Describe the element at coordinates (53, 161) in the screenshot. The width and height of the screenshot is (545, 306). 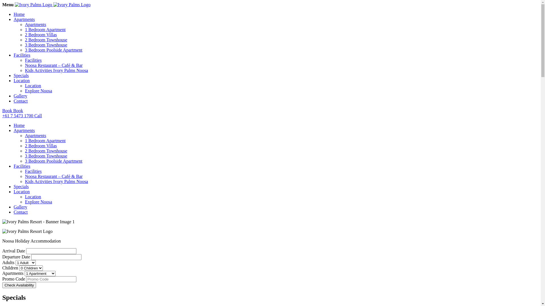
I see `'3 Bedroom Poolside Apartment'` at that location.